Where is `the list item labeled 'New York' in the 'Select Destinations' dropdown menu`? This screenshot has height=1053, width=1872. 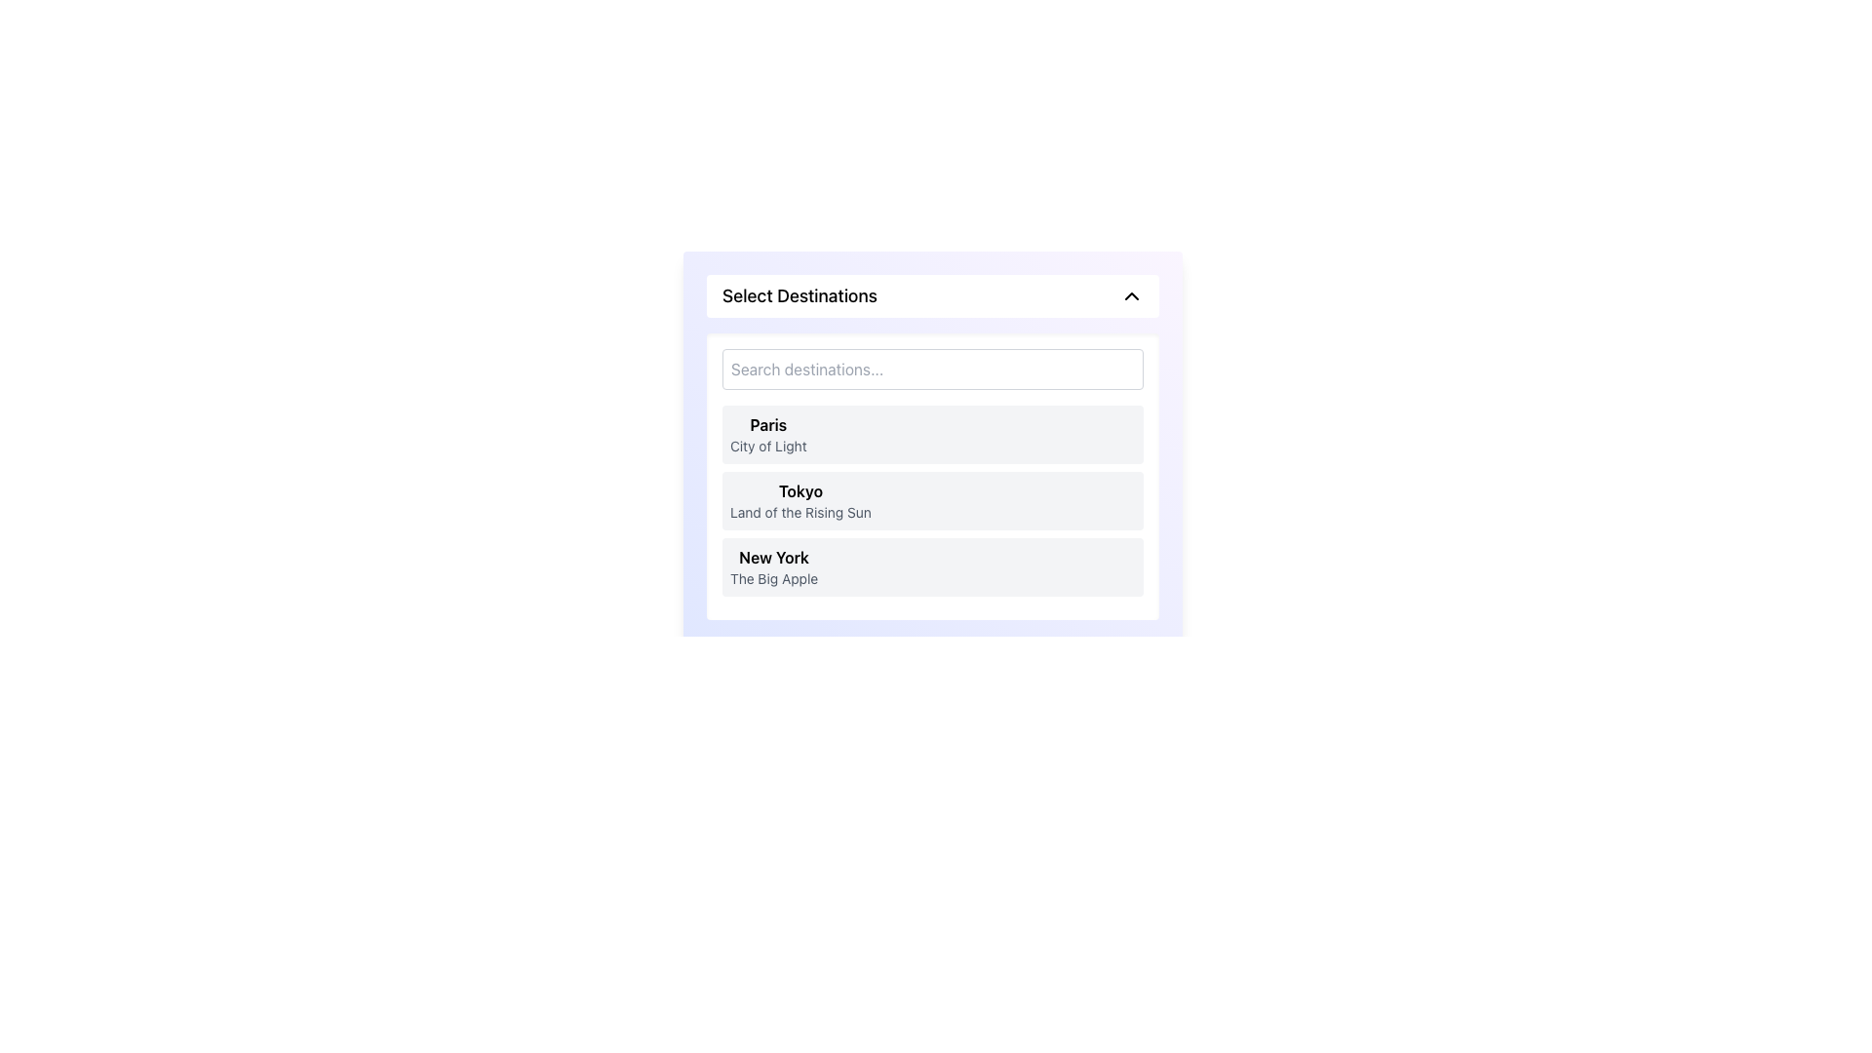
the list item labeled 'New York' in the 'Select Destinations' dropdown menu is located at coordinates (773, 567).